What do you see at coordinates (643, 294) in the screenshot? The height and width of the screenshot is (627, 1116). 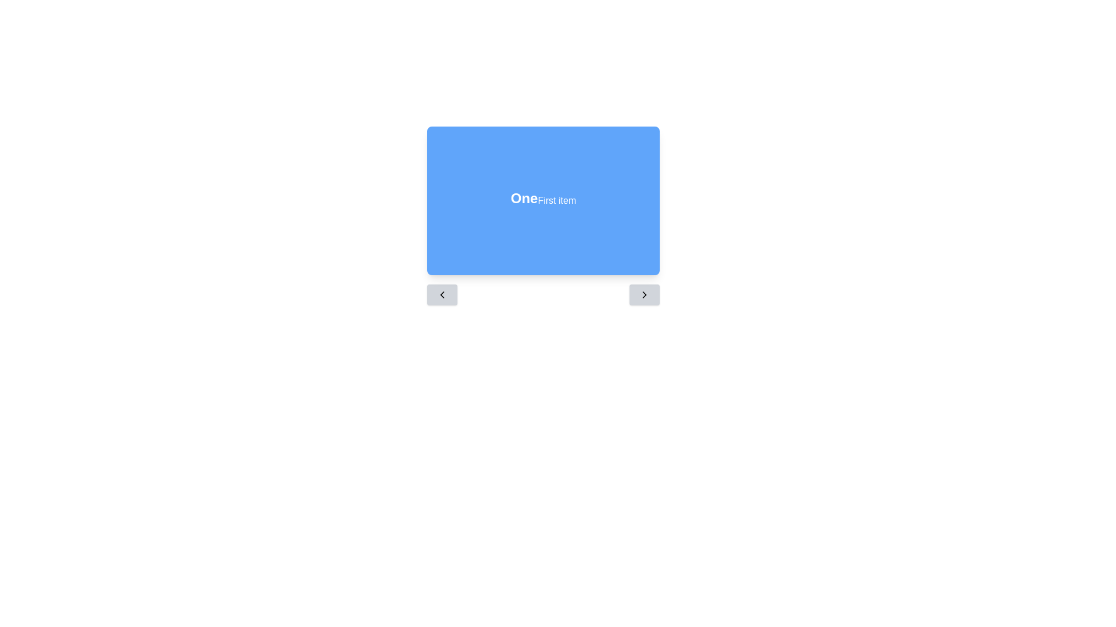 I see `the rightward navigation chevron icon within the light gray square button at the bottom right of the blue card` at bounding box center [643, 294].